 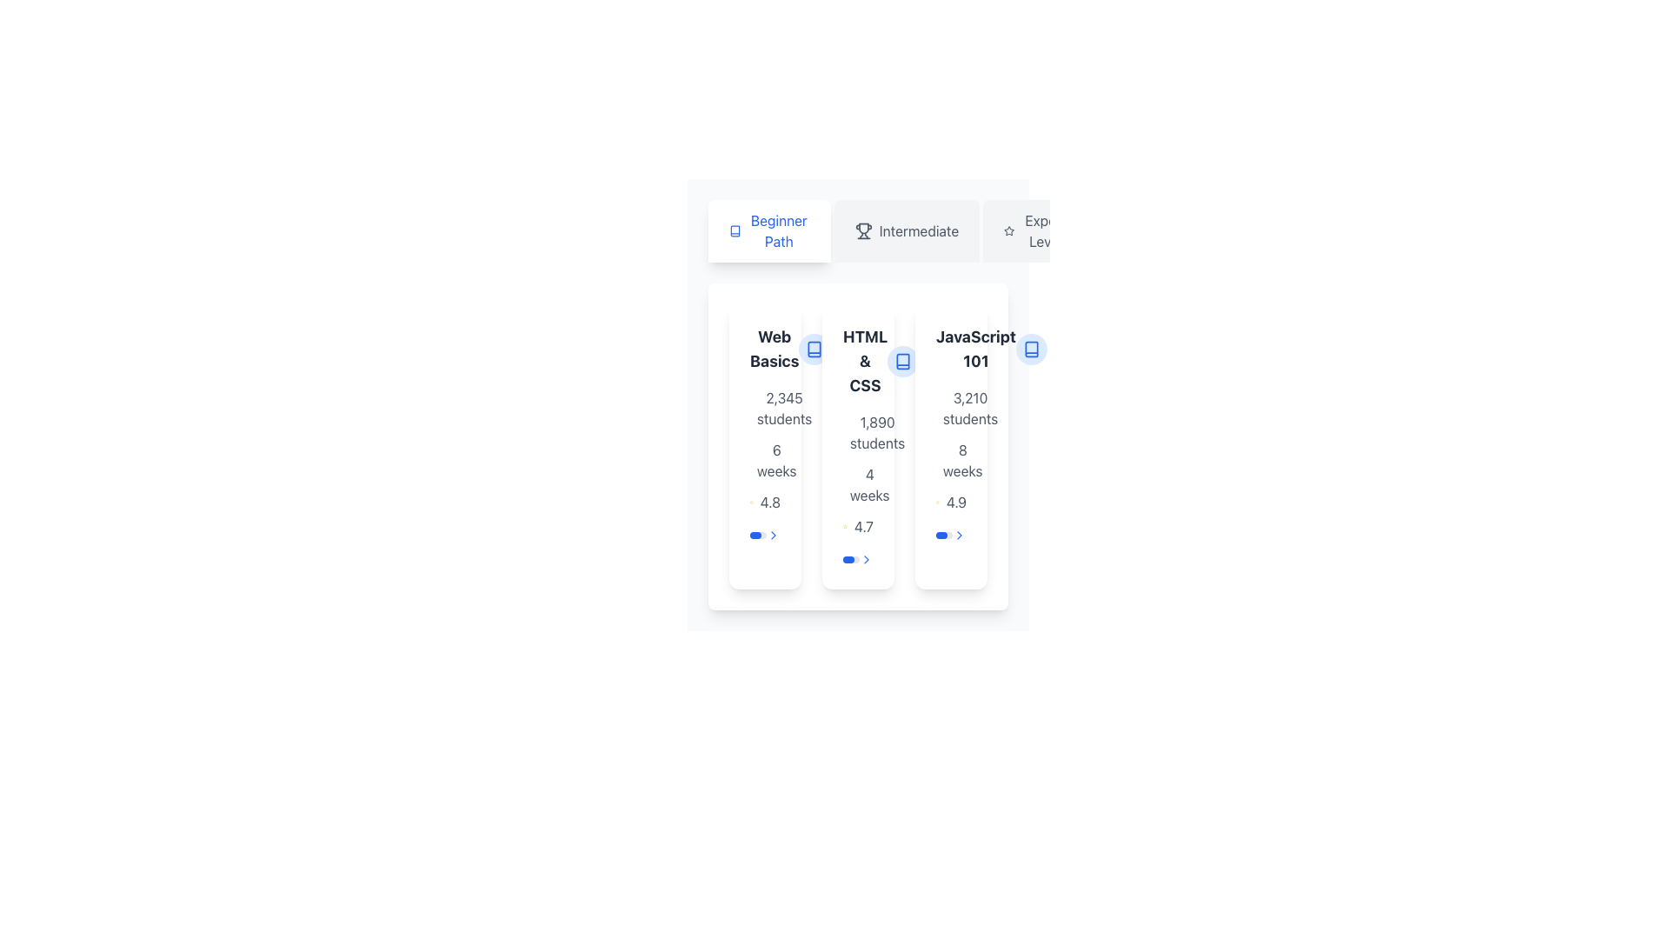 I want to click on the circular icon with a light blue background and a blue book graphic located at the top right of the 'HTML & CSS' card, so click(x=903, y=361).